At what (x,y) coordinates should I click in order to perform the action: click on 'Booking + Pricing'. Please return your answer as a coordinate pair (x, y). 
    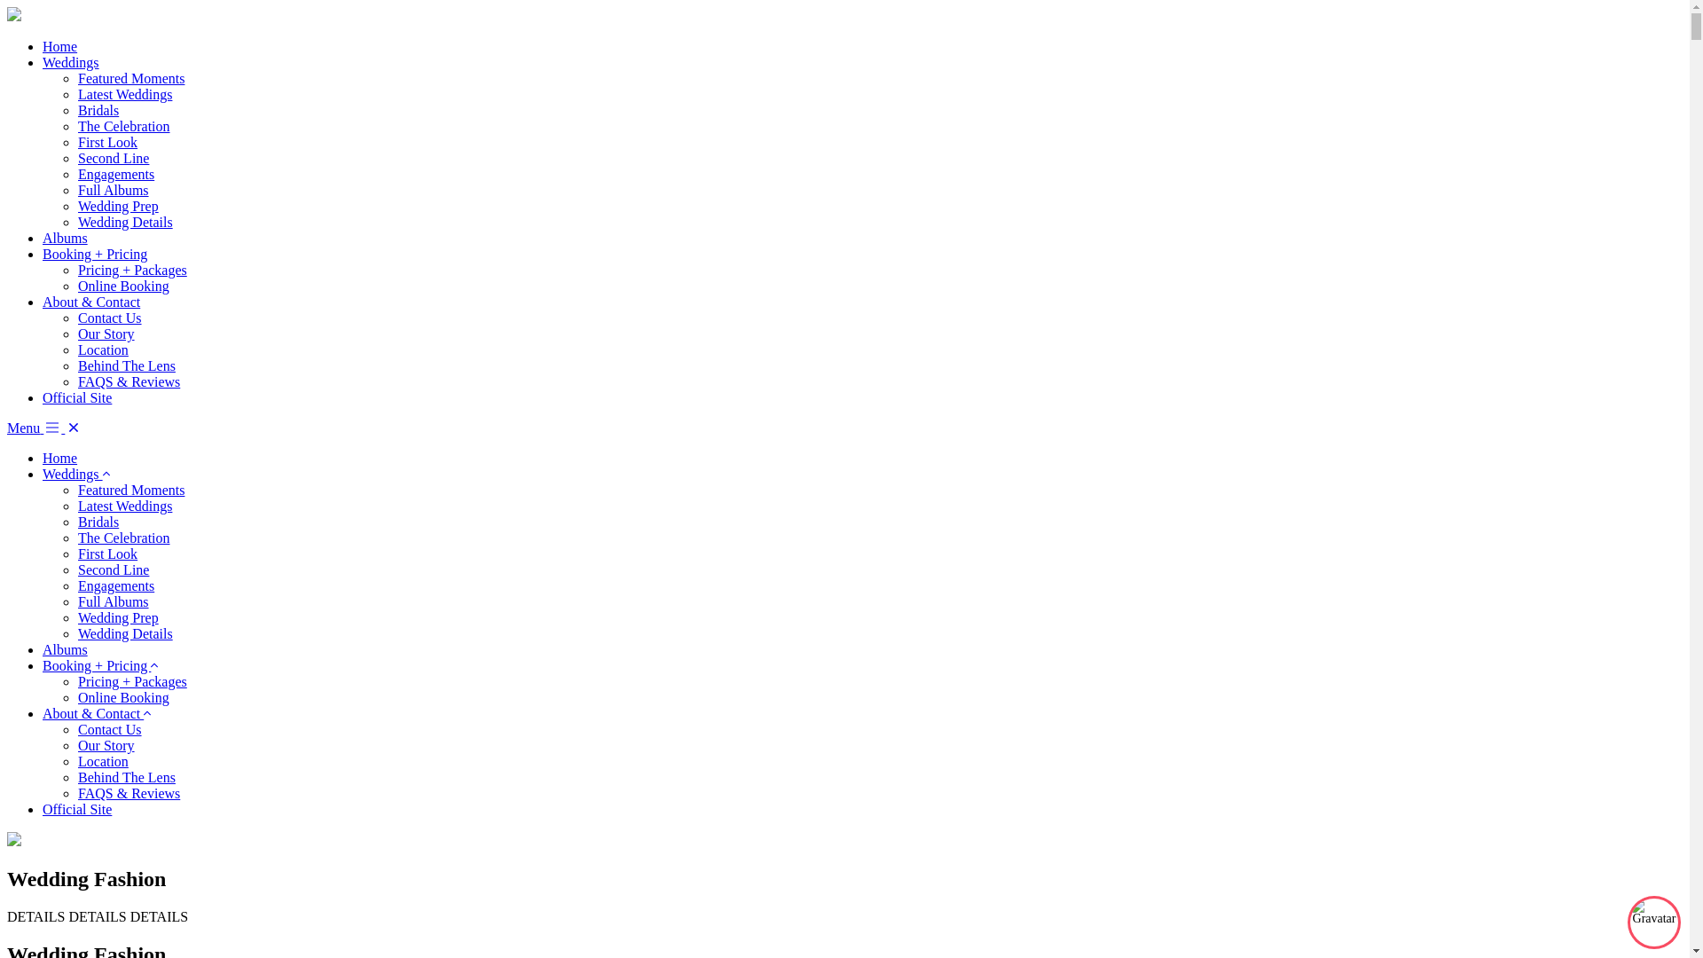
    Looking at the image, I should click on (96, 665).